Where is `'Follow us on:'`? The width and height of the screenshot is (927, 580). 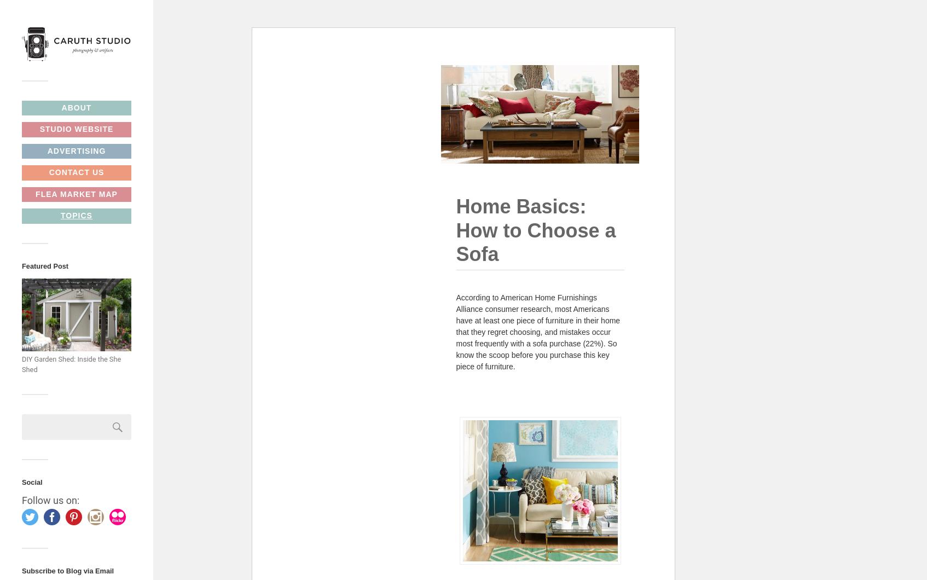 'Follow us on:' is located at coordinates (21, 500).